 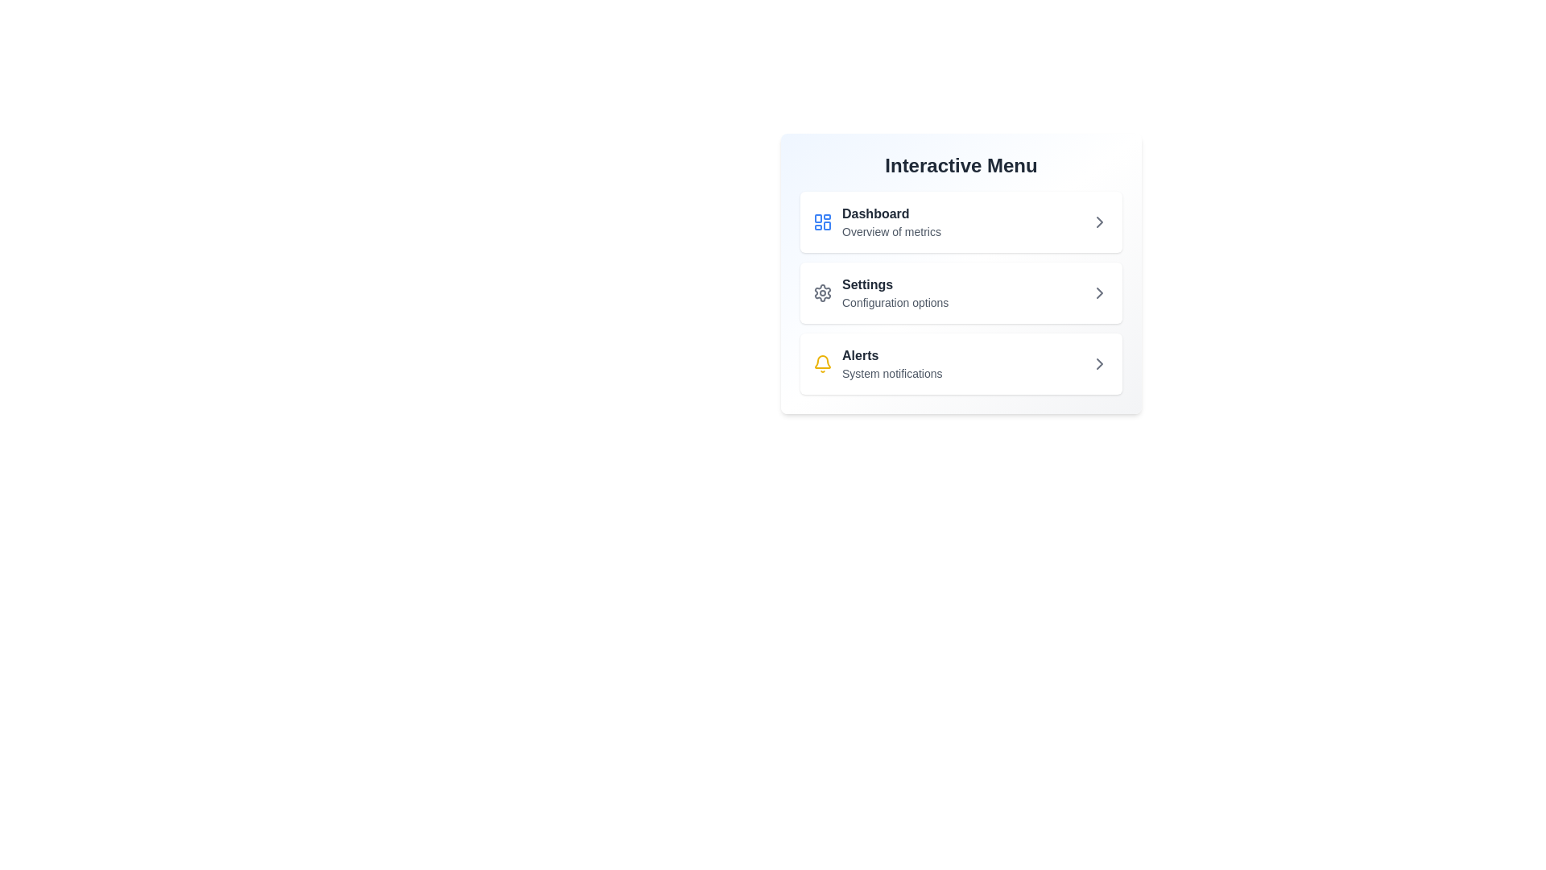 I want to click on the 'Alerts' text content block, which features a bold 'Alerts' heading and a smaller 'System notifications' subtitle, so click(x=891, y=363).